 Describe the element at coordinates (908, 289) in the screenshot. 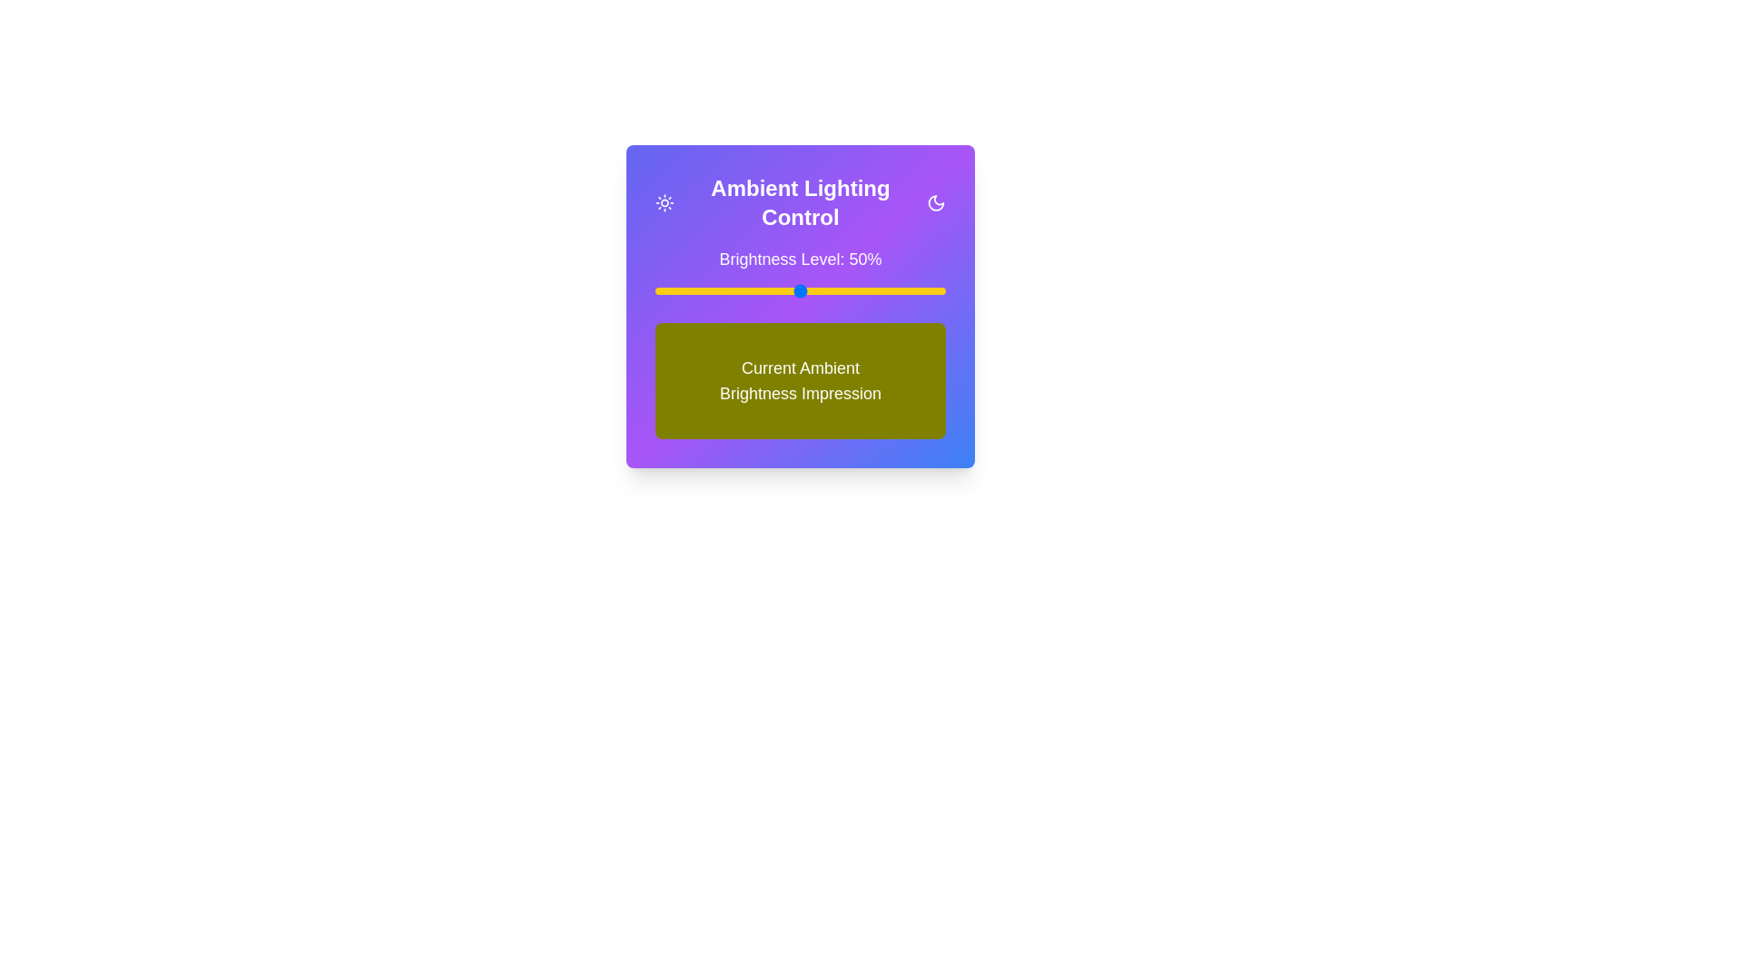

I see `the brightness level to 87% by moving the slider` at that location.